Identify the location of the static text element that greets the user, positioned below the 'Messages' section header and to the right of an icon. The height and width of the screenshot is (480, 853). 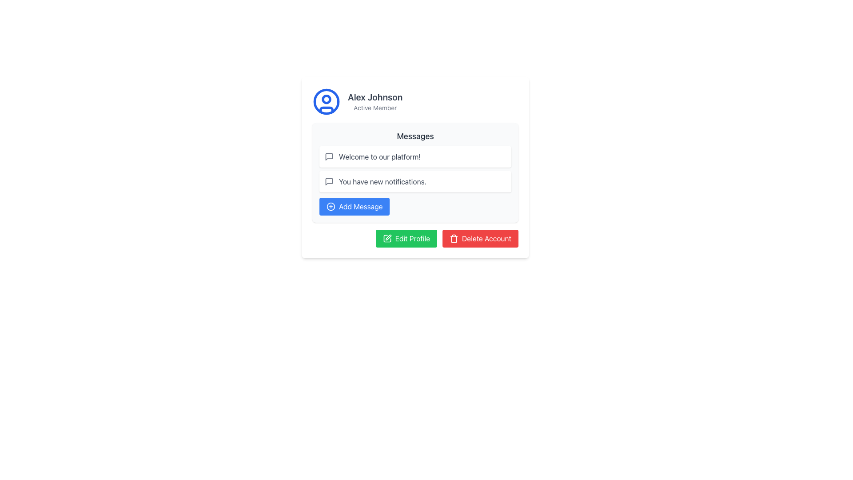
(379, 156).